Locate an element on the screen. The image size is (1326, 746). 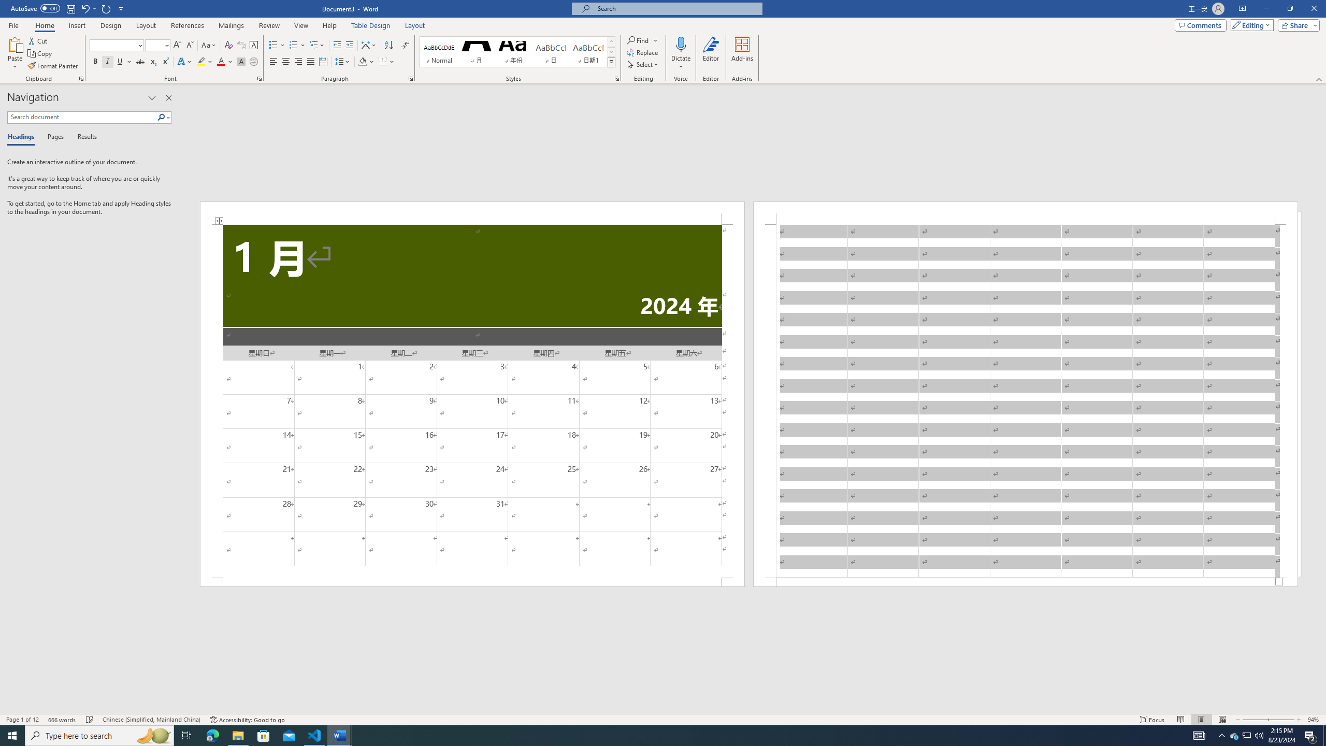
'Table Design' is located at coordinates (371, 25).